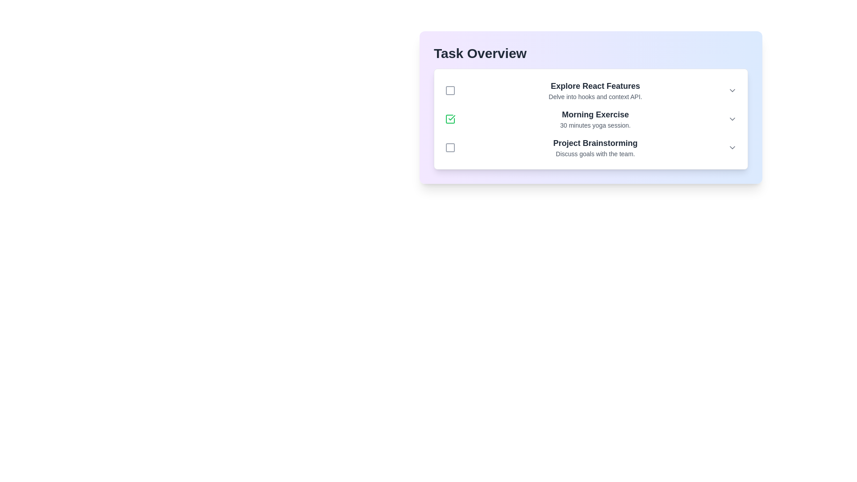  Describe the element at coordinates (732, 91) in the screenshot. I see `the ChevronDown icon corresponding to the task titled Explore React Features to expand its details` at that location.